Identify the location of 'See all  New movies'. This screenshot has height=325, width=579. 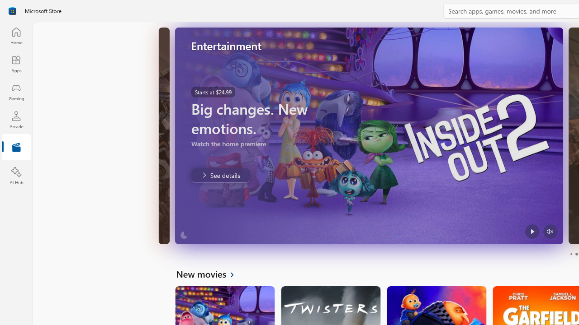
(210, 273).